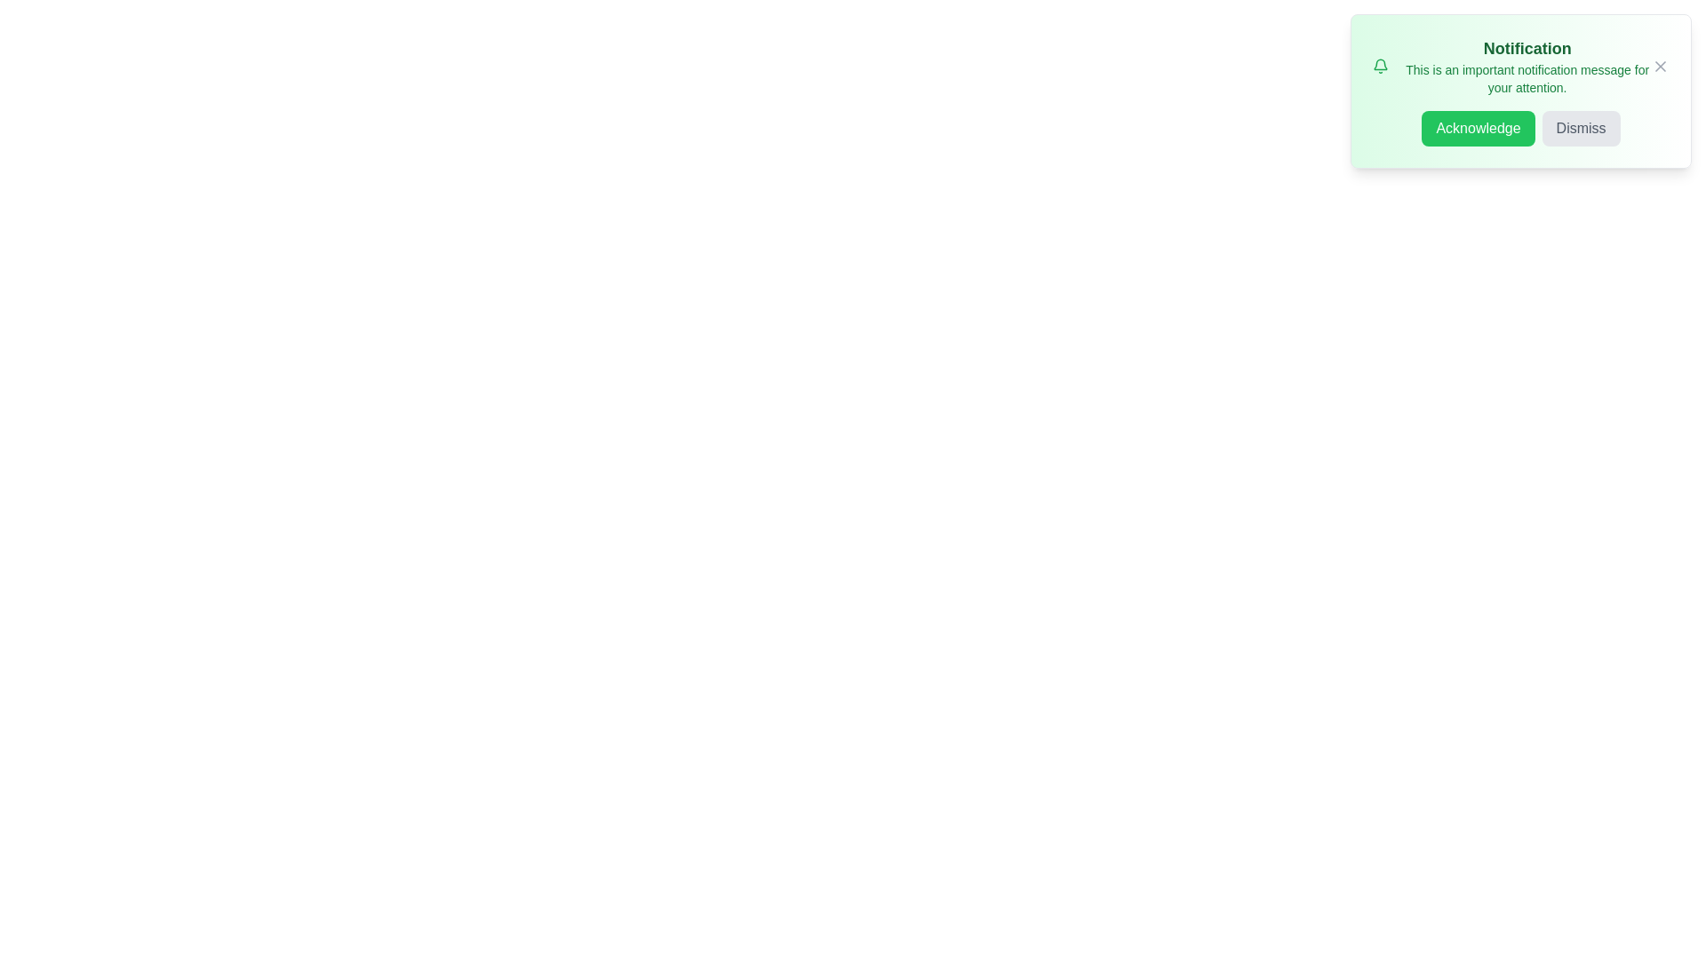 The image size is (1706, 959). What do you see at coordinates (1581, 128) in the screenshot?
I see `'Dismiss' button to remove the alert` at bounding box center [1581, 128].